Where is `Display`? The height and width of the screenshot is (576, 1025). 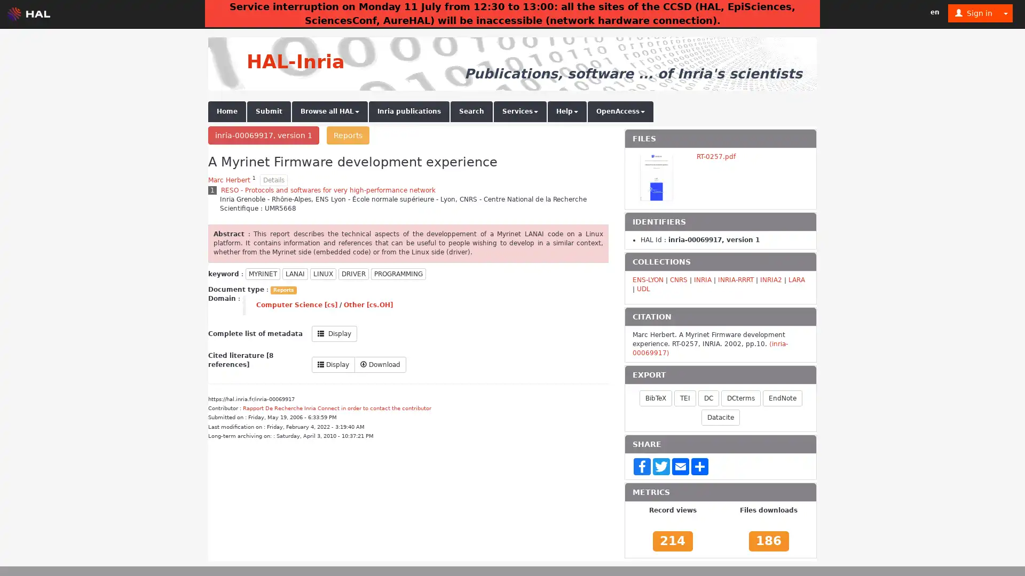
Display is located at coordinates (334, 333).